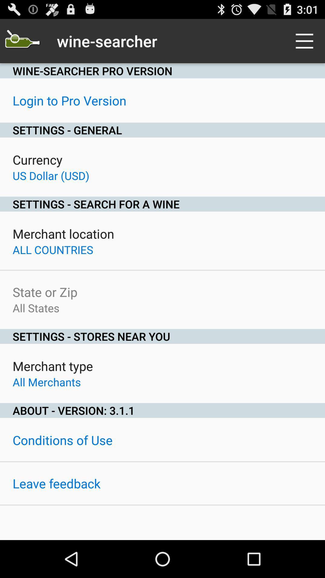 The height and width of the screenshot is (578, 325). Describe the element at coordinates (51, 175) in the screenshot. I see `the icon below currency icon` at that location.